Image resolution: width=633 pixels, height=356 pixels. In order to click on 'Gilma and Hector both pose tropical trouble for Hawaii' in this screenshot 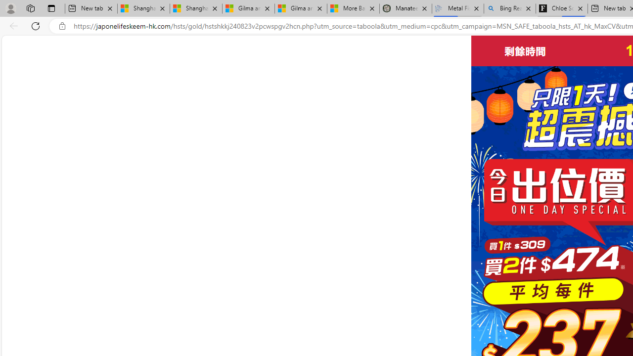, I will do `click(300, 8)`.